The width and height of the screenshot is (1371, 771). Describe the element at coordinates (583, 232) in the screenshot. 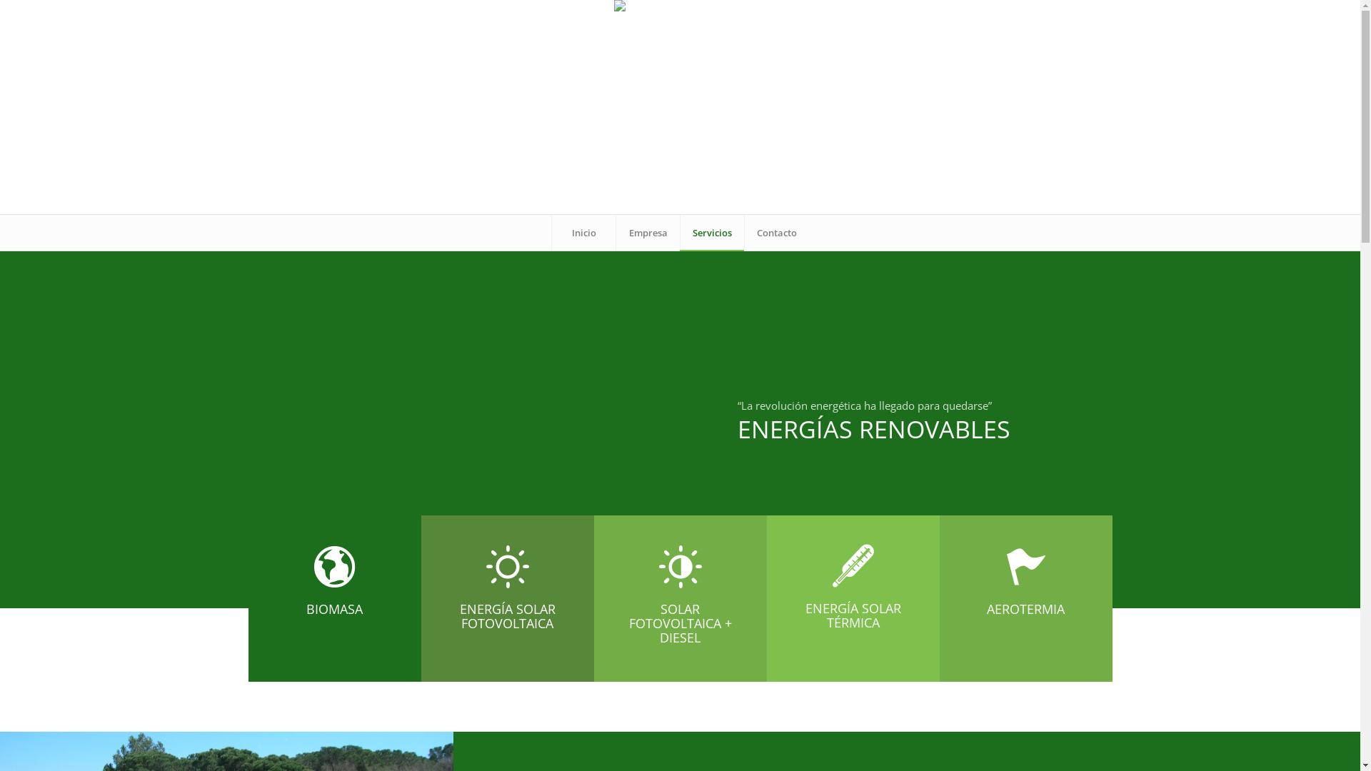

I see `'Inicio'` at that location.